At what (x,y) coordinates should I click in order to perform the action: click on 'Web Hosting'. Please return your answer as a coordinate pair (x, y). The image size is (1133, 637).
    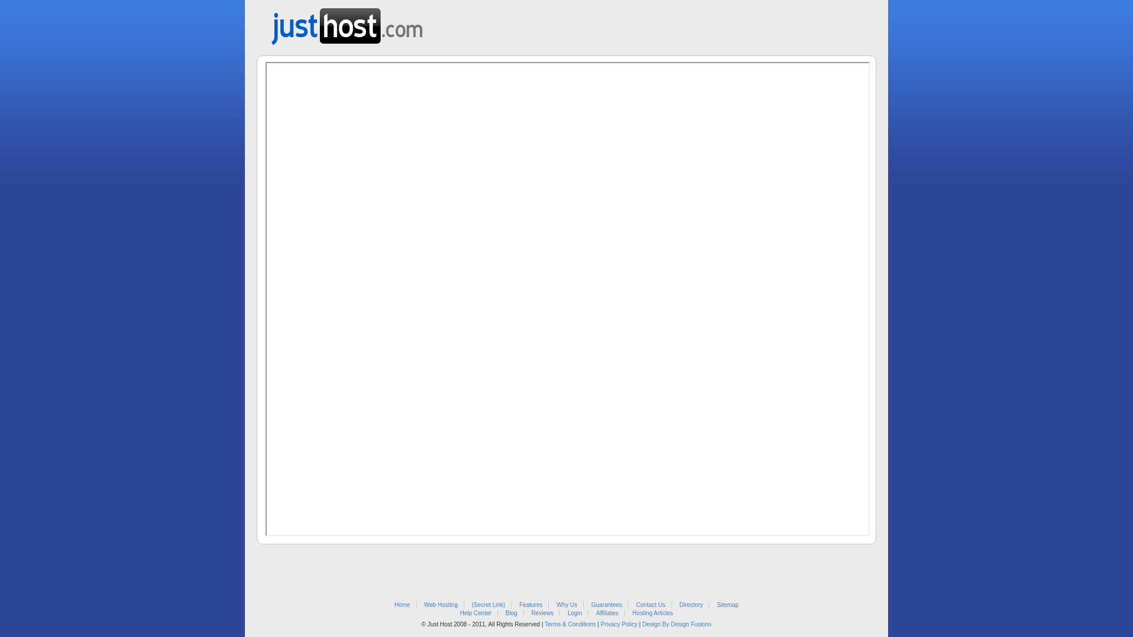
    Looking at the image, I should click on (440, 605).